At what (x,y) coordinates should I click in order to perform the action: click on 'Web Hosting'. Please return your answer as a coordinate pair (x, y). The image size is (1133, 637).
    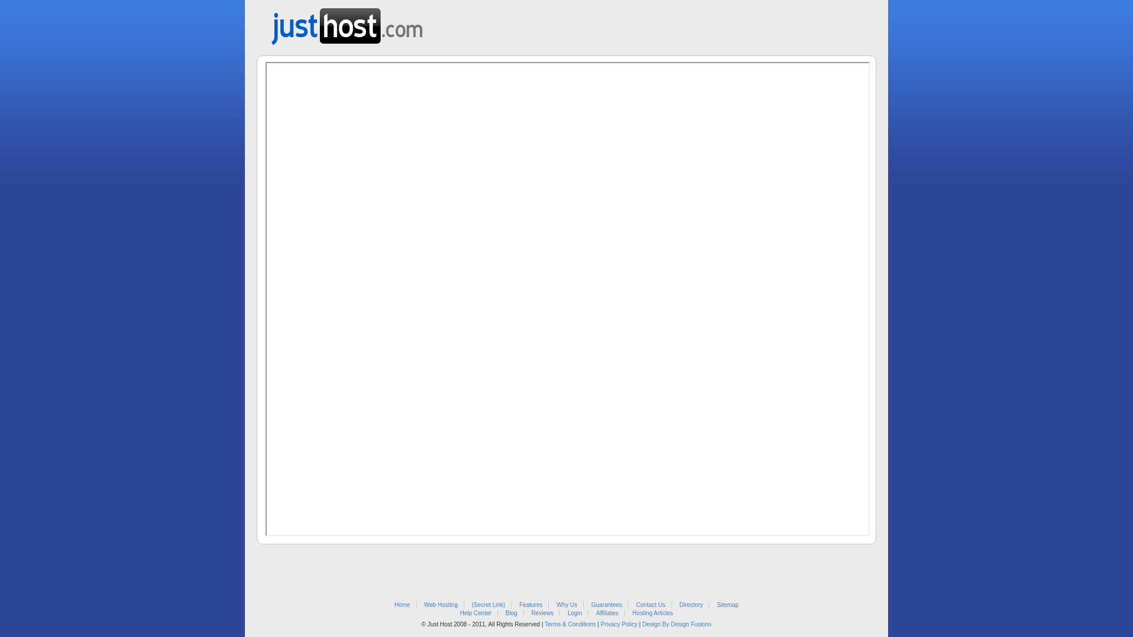
    Looking at the image, I should click on (440, 605).